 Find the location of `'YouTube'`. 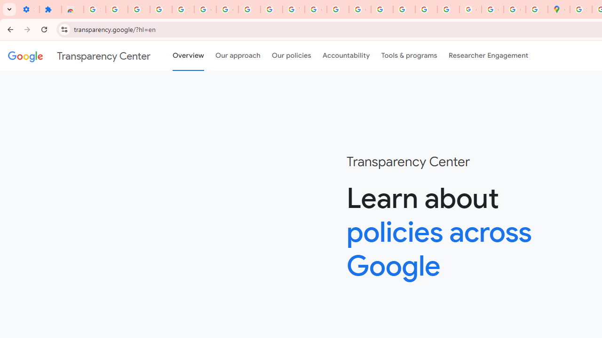

'YouTube' is located at coordinates (293, 9).